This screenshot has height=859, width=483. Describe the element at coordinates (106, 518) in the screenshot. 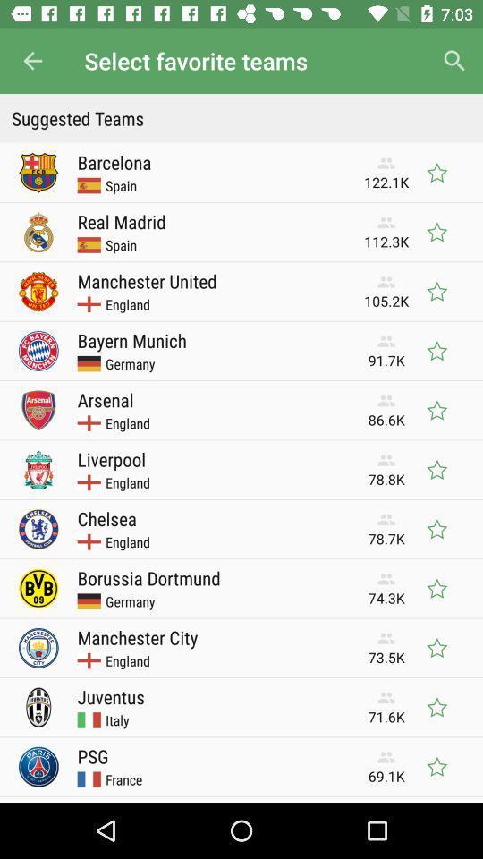

I see `the item next to 78.7k icon` at that location.